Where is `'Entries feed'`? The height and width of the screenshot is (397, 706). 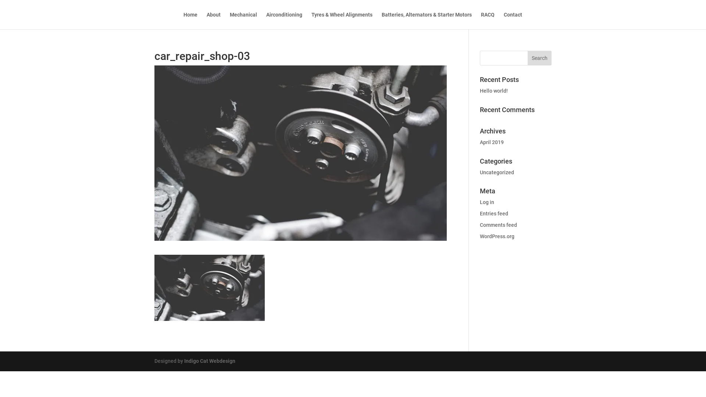
'Entries feed' is located at coordinates (494, 214).